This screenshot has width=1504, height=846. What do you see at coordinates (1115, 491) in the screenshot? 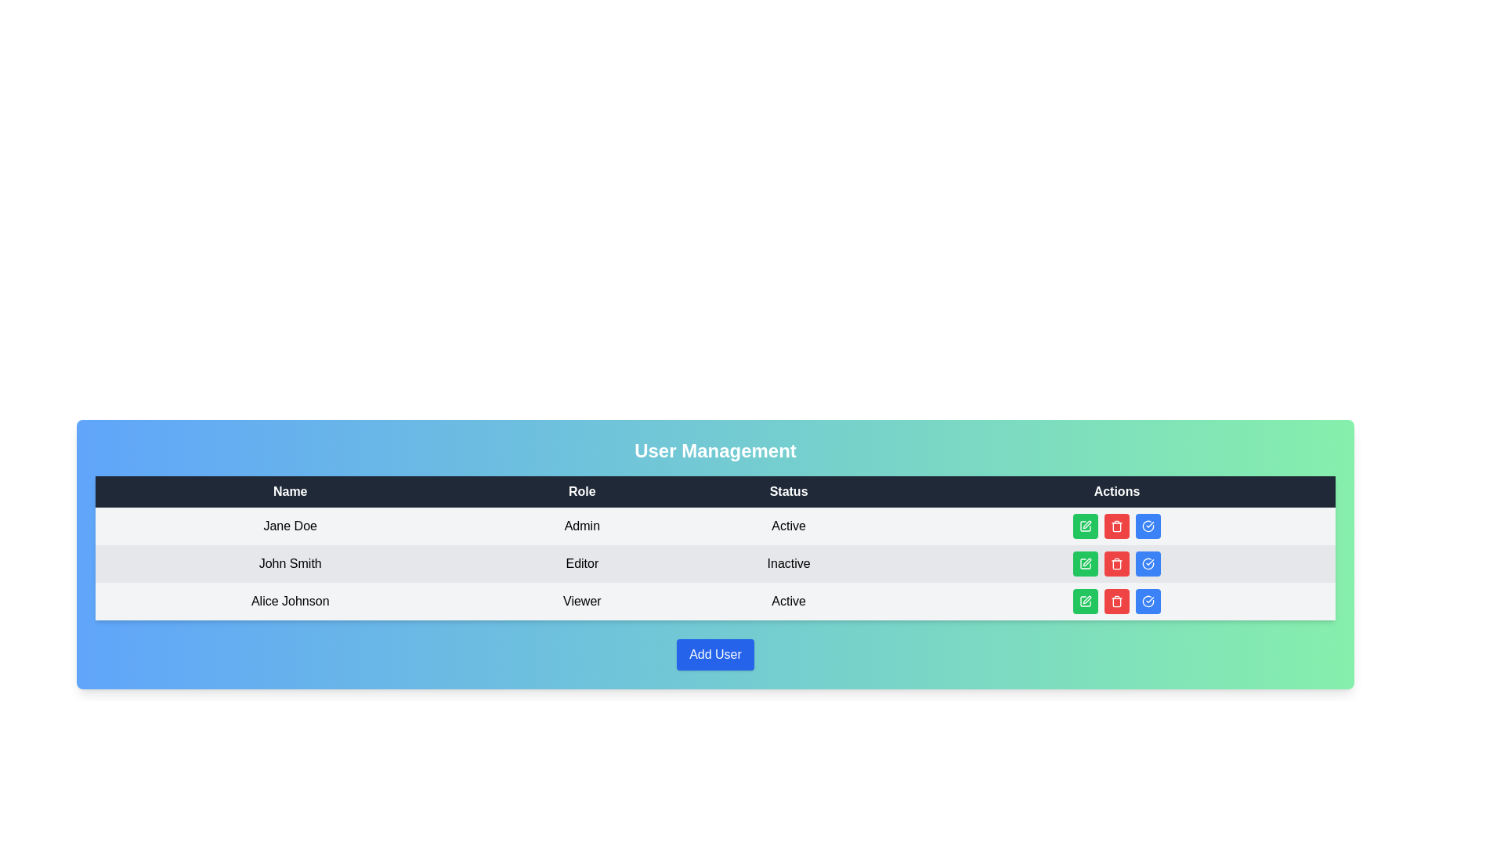
I see `the text label 'Actions' which is styled in white font and positioned in the rightmost part of the heading row, immediately to the right of 'Status'` at bounding box center [1115, 491].